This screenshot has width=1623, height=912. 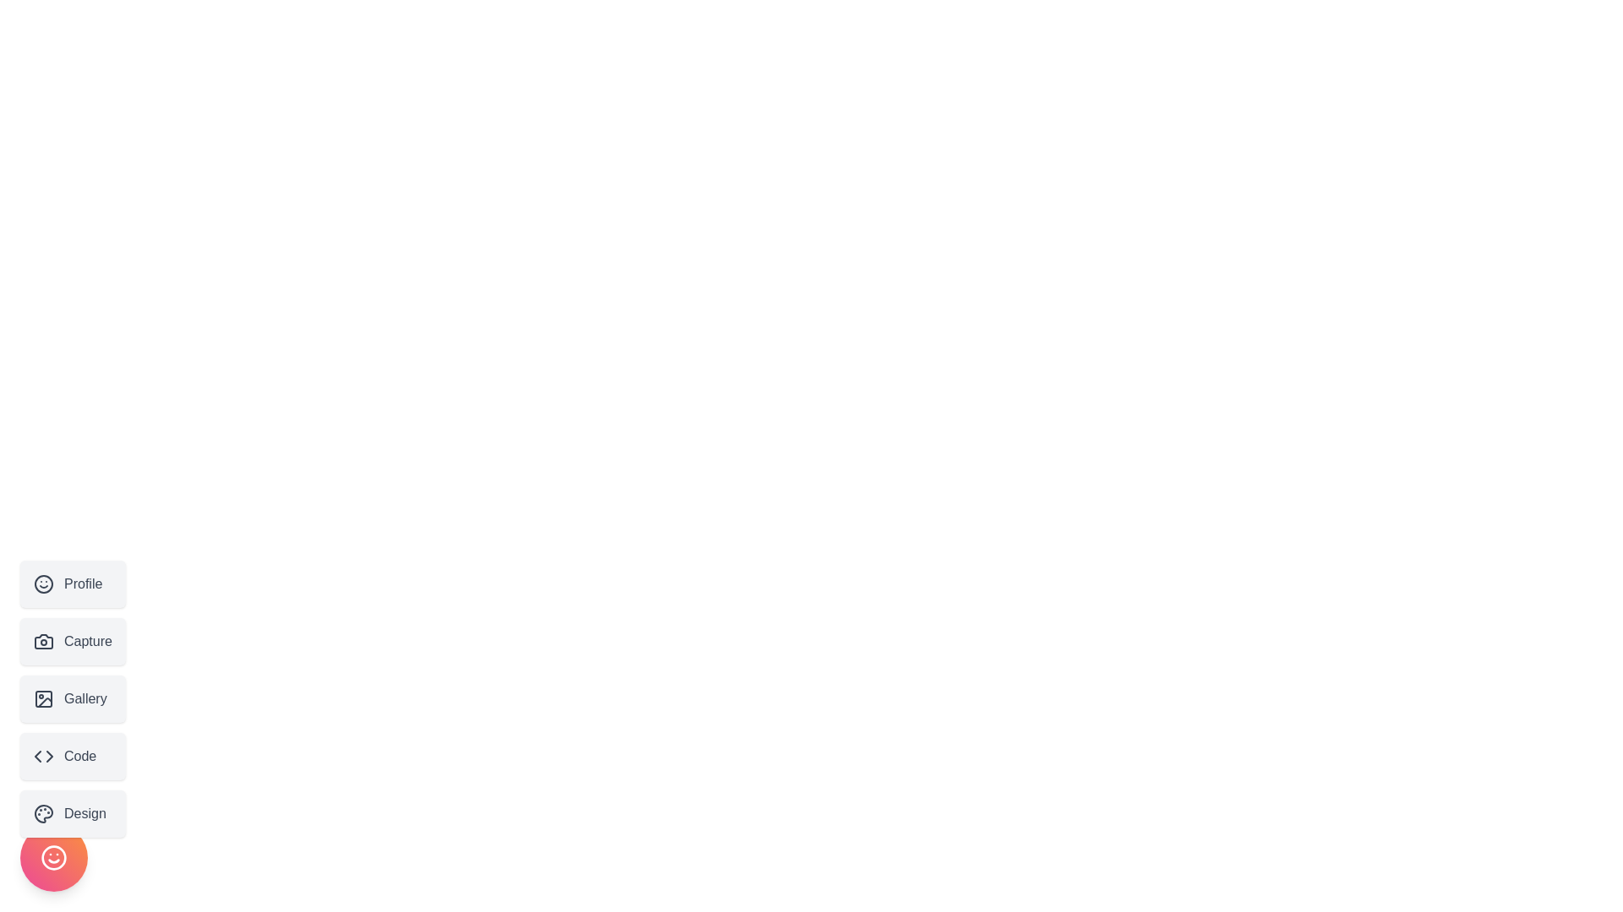 What do you see at coordinates (49, 755) in the screenshot?
I see `the rightward-pointing arrowhead vector graphic within the 'Code' button icon, which is the second arrowhead in the SVG element` at bounding box center [49, 755].